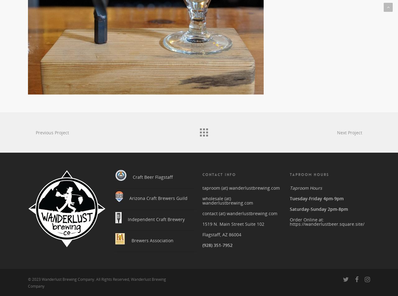  Describe the element at coordinates (239, 211) in the screenshot. I see `'contact (at) wanderlustbrewing.com'` at that location.